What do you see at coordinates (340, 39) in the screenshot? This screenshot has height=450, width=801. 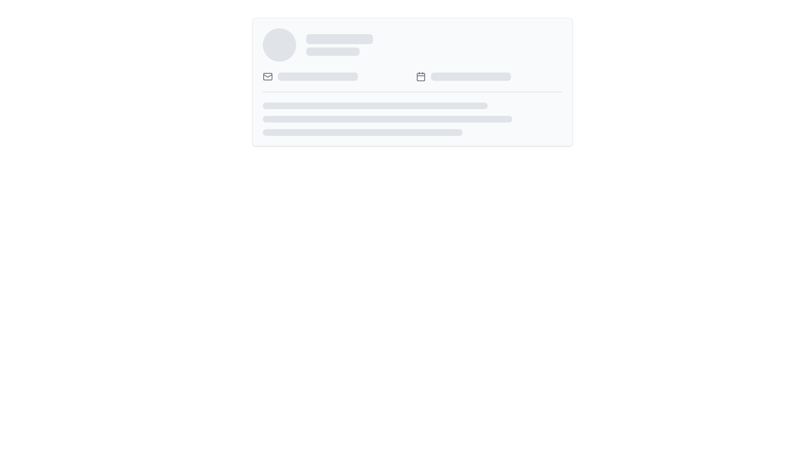 I see `the first placeholder bar, which is a horizontal bar with rounded edges styled in light gray, located near the top center of the layout` at bounding box center [340, 39].